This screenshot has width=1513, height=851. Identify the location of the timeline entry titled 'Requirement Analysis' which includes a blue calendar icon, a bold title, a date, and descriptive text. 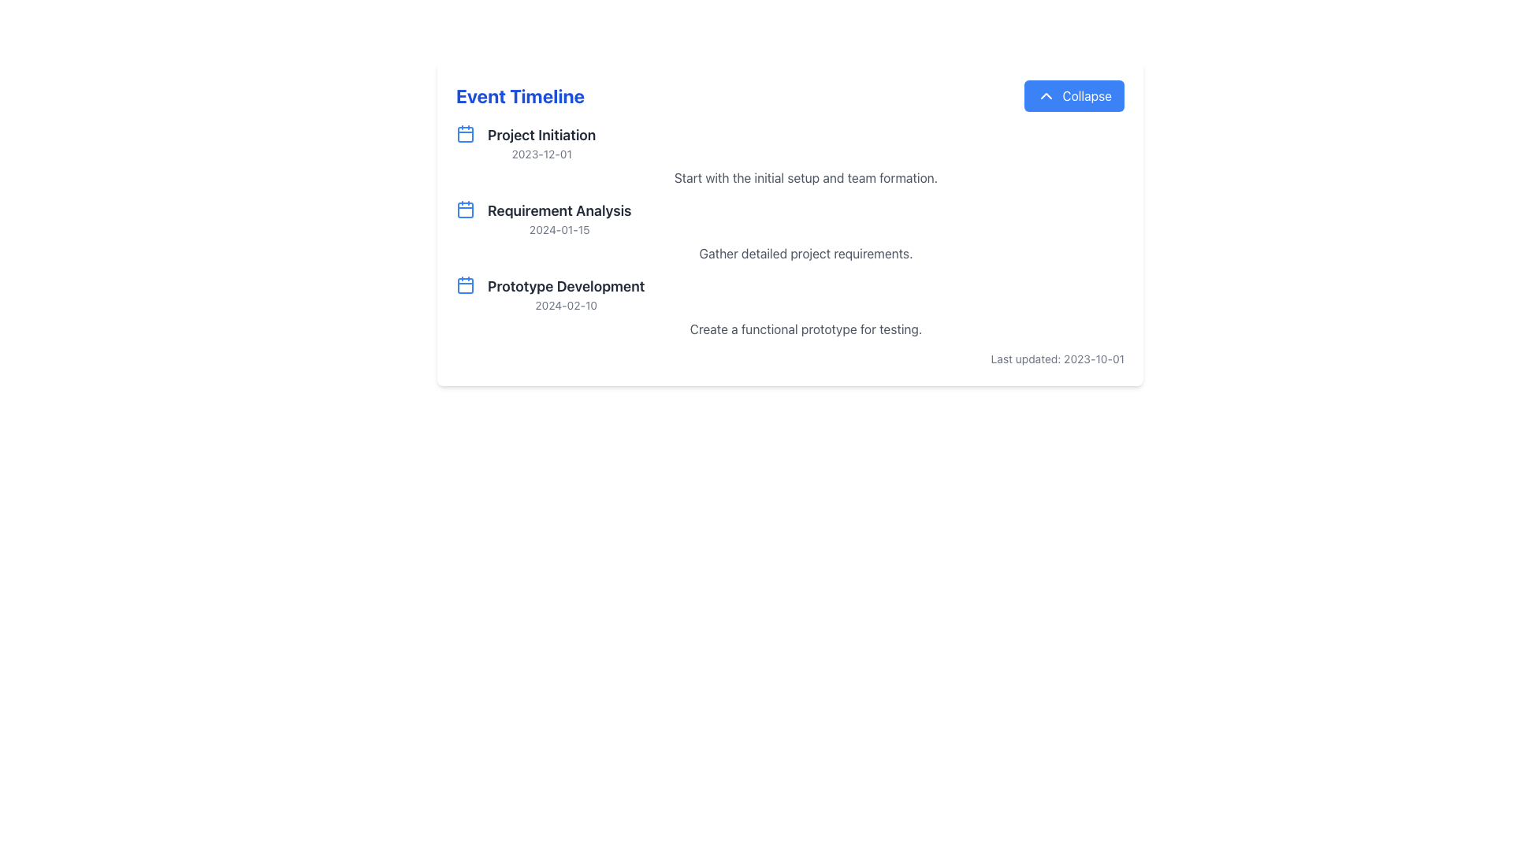
(790, 231).